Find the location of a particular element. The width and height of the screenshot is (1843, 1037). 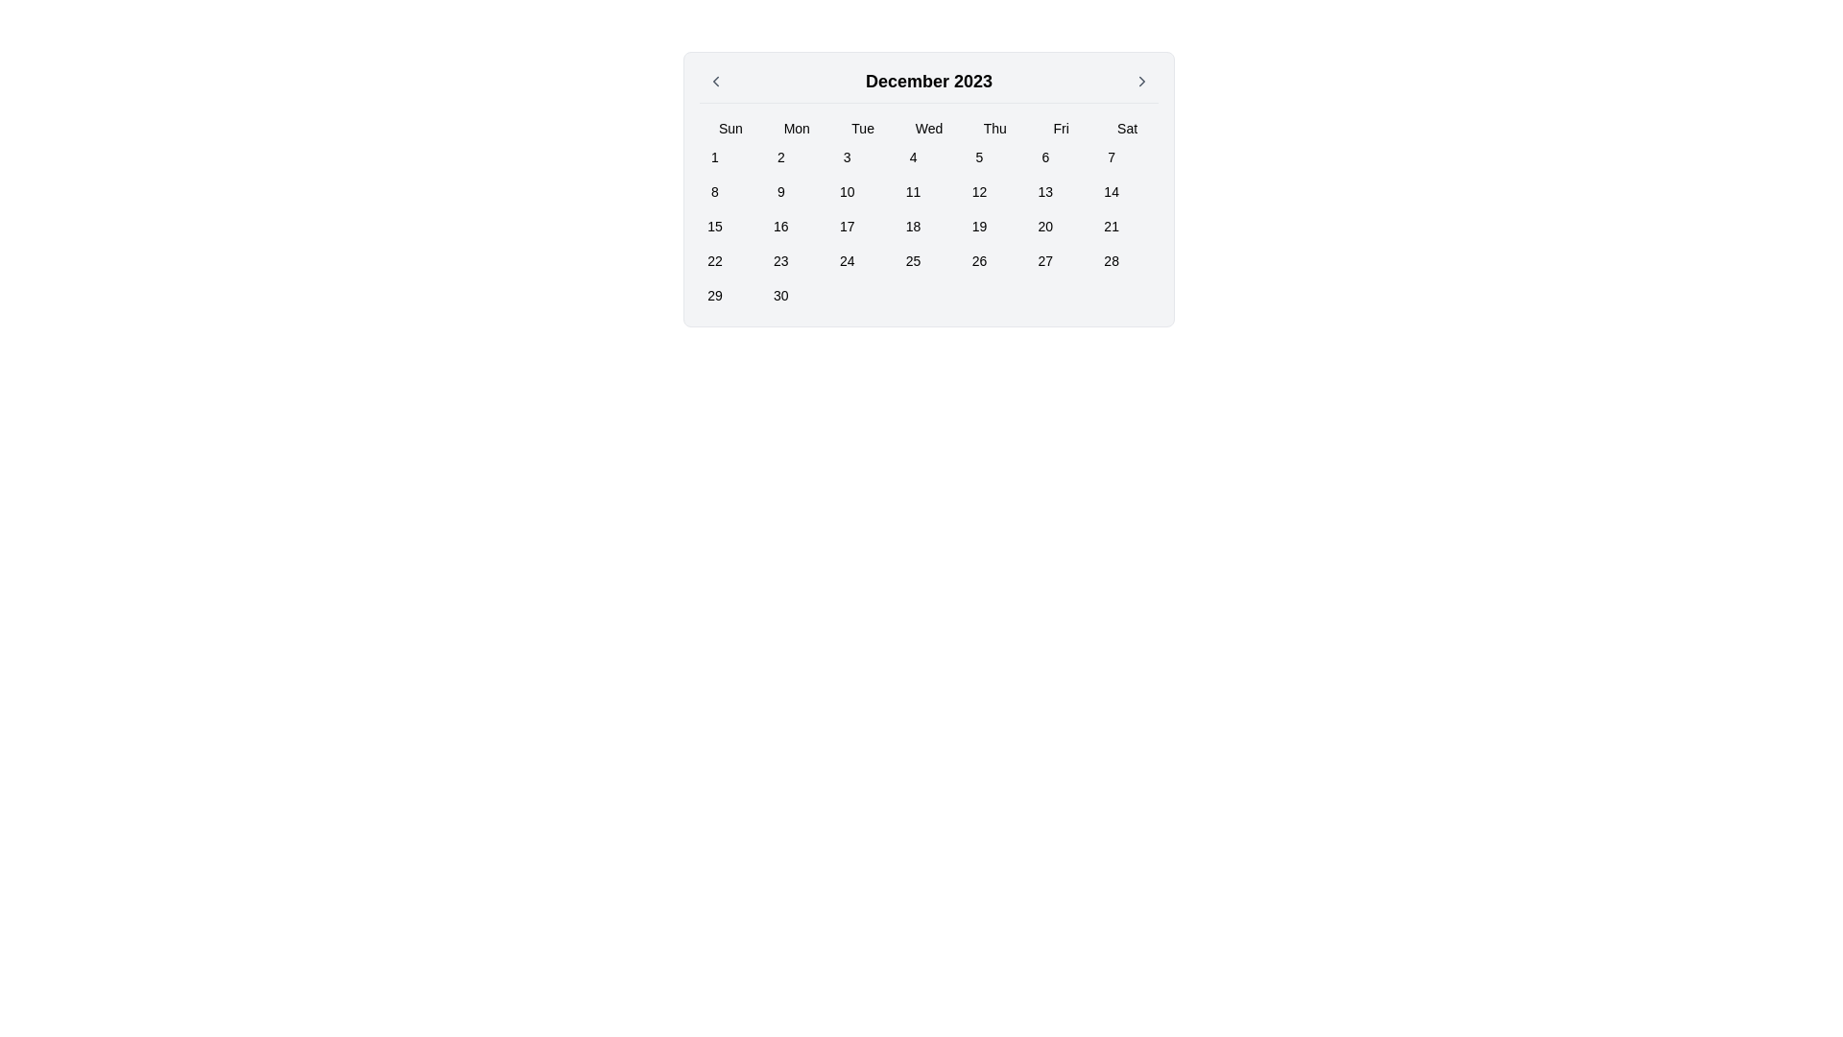

the button representing the date '10' in the calendar, located under the 'Tue' header in the third column and third row of the grid is located at coordinates (846, 192).